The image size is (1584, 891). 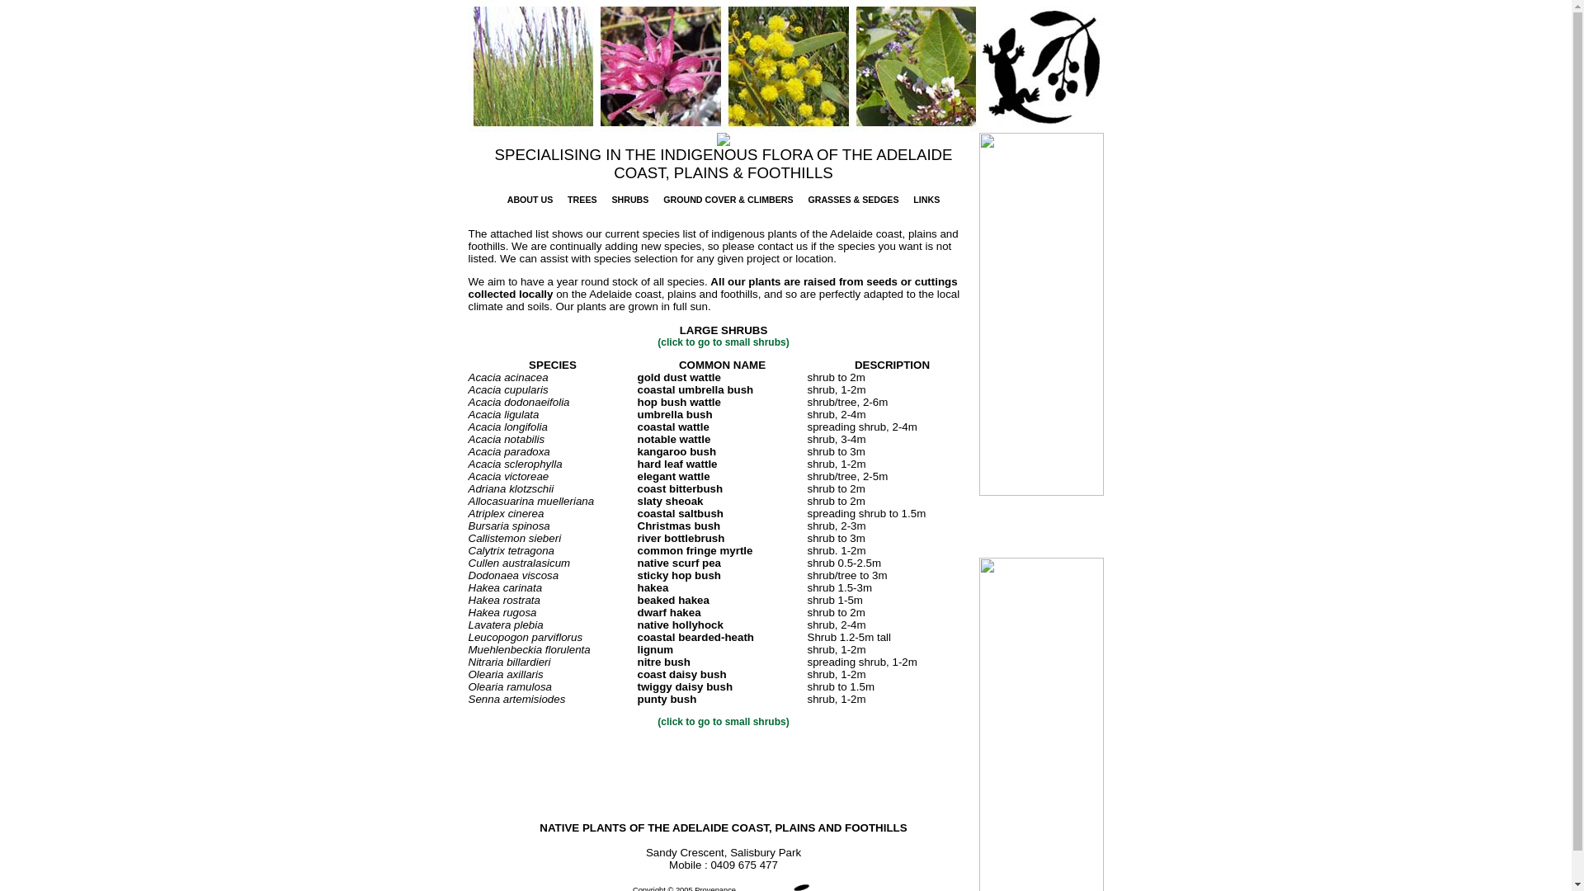 I want to click on '(click to go to small shrubs)', so click(x=723, y=721).